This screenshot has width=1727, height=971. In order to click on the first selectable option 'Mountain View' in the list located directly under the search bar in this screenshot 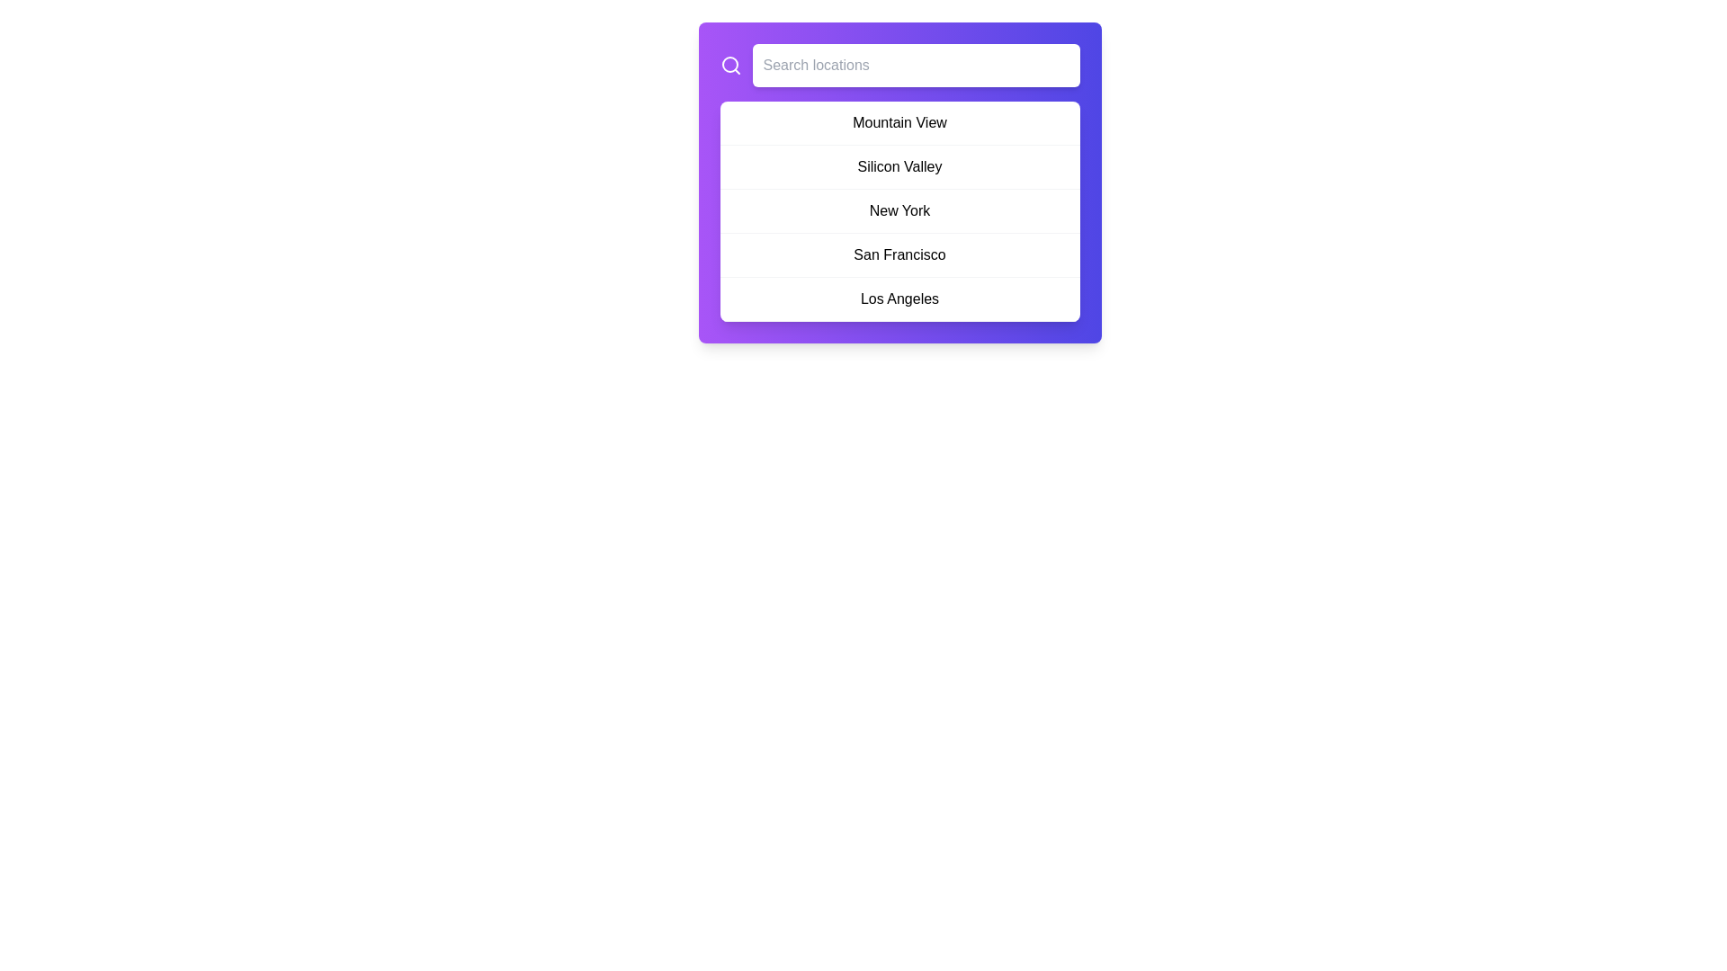, I will do `click(899, 122)`.